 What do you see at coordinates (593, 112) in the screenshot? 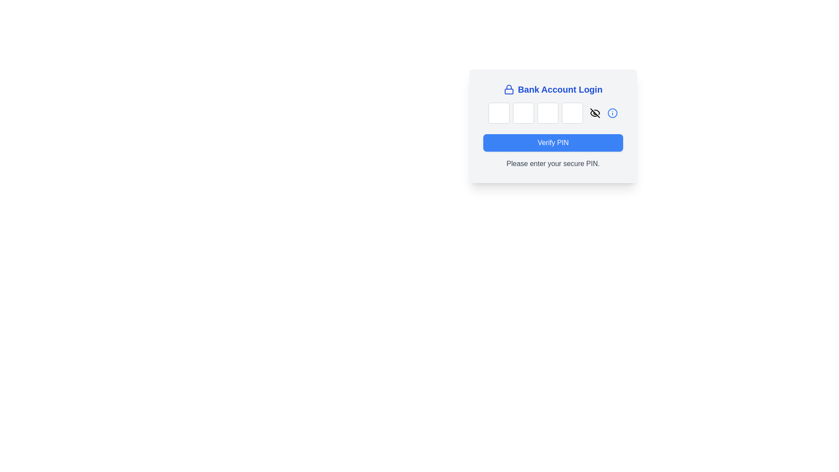
I see `the stylized eye icon representing the 'hidden' or 'obscured' action` at bounding box center [593, 112].